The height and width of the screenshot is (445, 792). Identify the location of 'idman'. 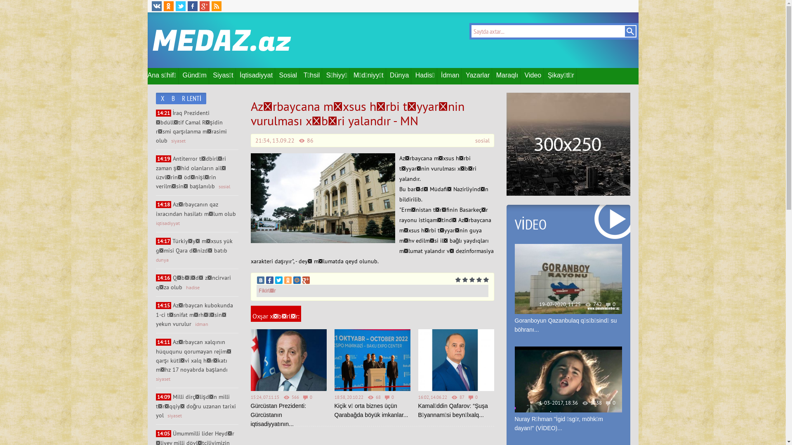
(201, 323).